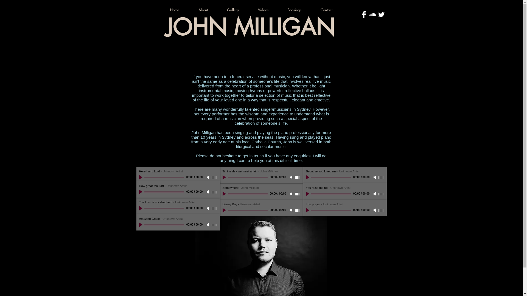  Describe the element at coordinates (238, 10) in the screenshot. I see `'Gallery'` at that location.